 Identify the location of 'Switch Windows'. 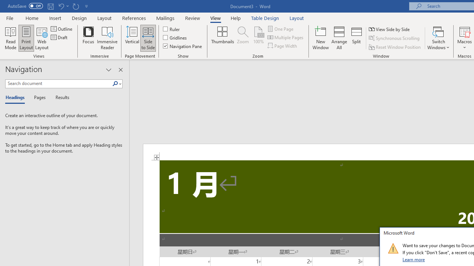
(438, 38).